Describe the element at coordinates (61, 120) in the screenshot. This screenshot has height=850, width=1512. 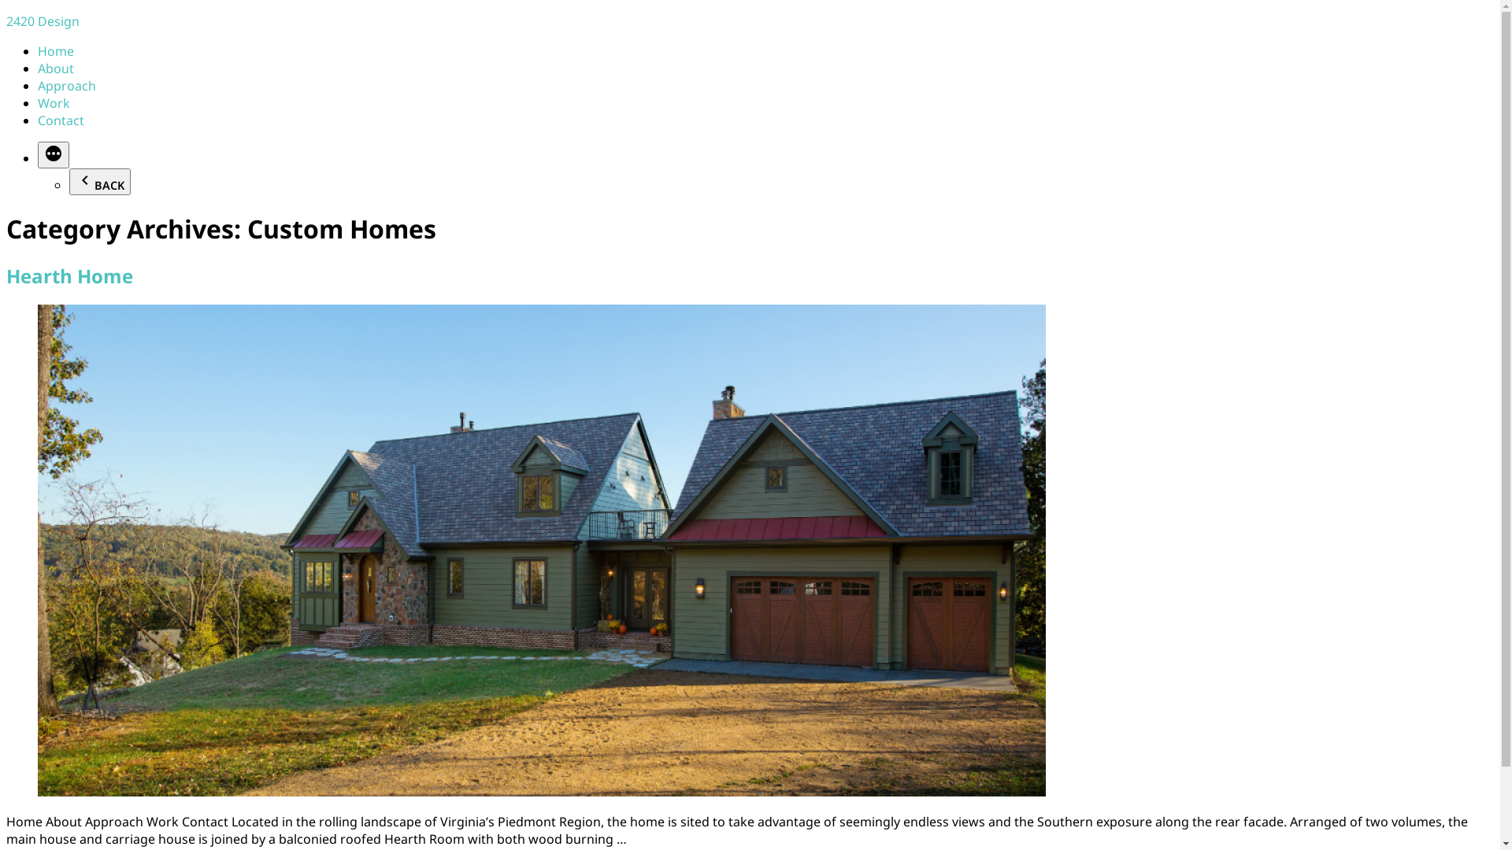
I see `'Contact'` at that location.